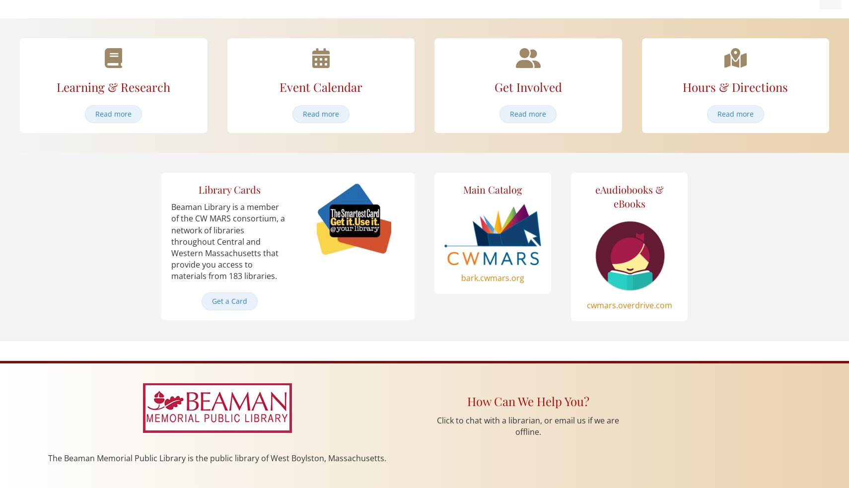 The height and width of the screenshot is (488, 849). I want to click on 'Event Calendar', so click(320, 86).